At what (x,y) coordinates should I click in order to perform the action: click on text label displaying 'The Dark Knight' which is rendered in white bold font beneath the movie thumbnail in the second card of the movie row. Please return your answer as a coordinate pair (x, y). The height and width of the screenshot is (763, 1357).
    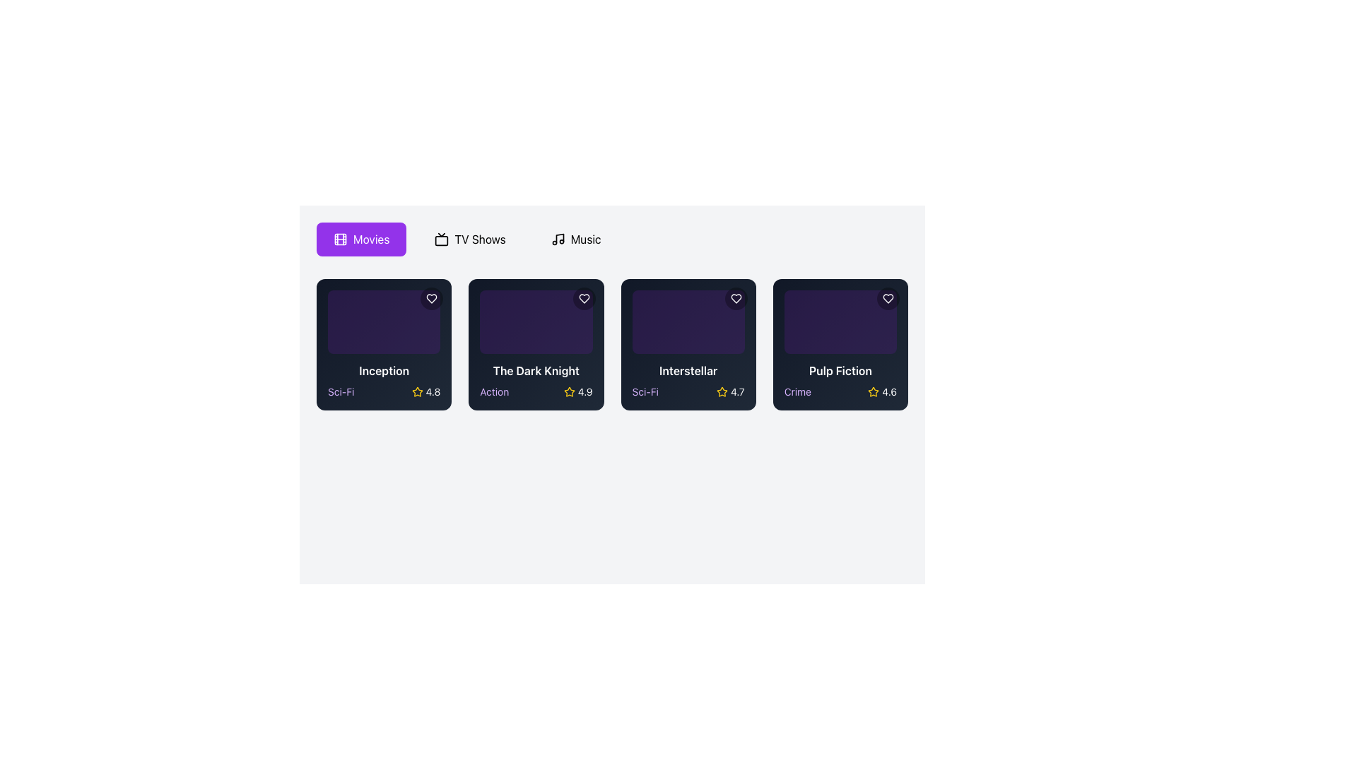
    Looking at the image, I should click on (535, 369).